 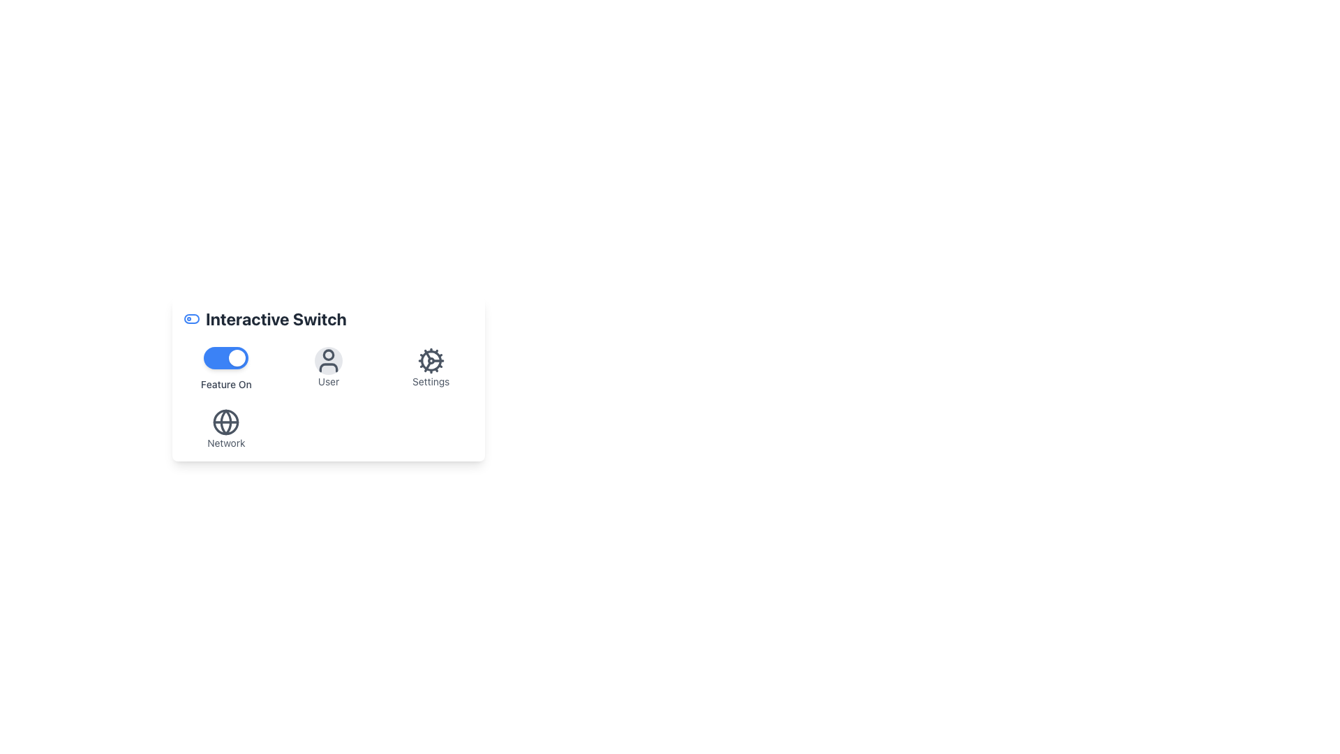 I want to click on the settings graphical icon component located in the top-right section of the card below the 'Interactive Switch' title and to the right of the 'User' profile icon, so click(x=430, y=360).